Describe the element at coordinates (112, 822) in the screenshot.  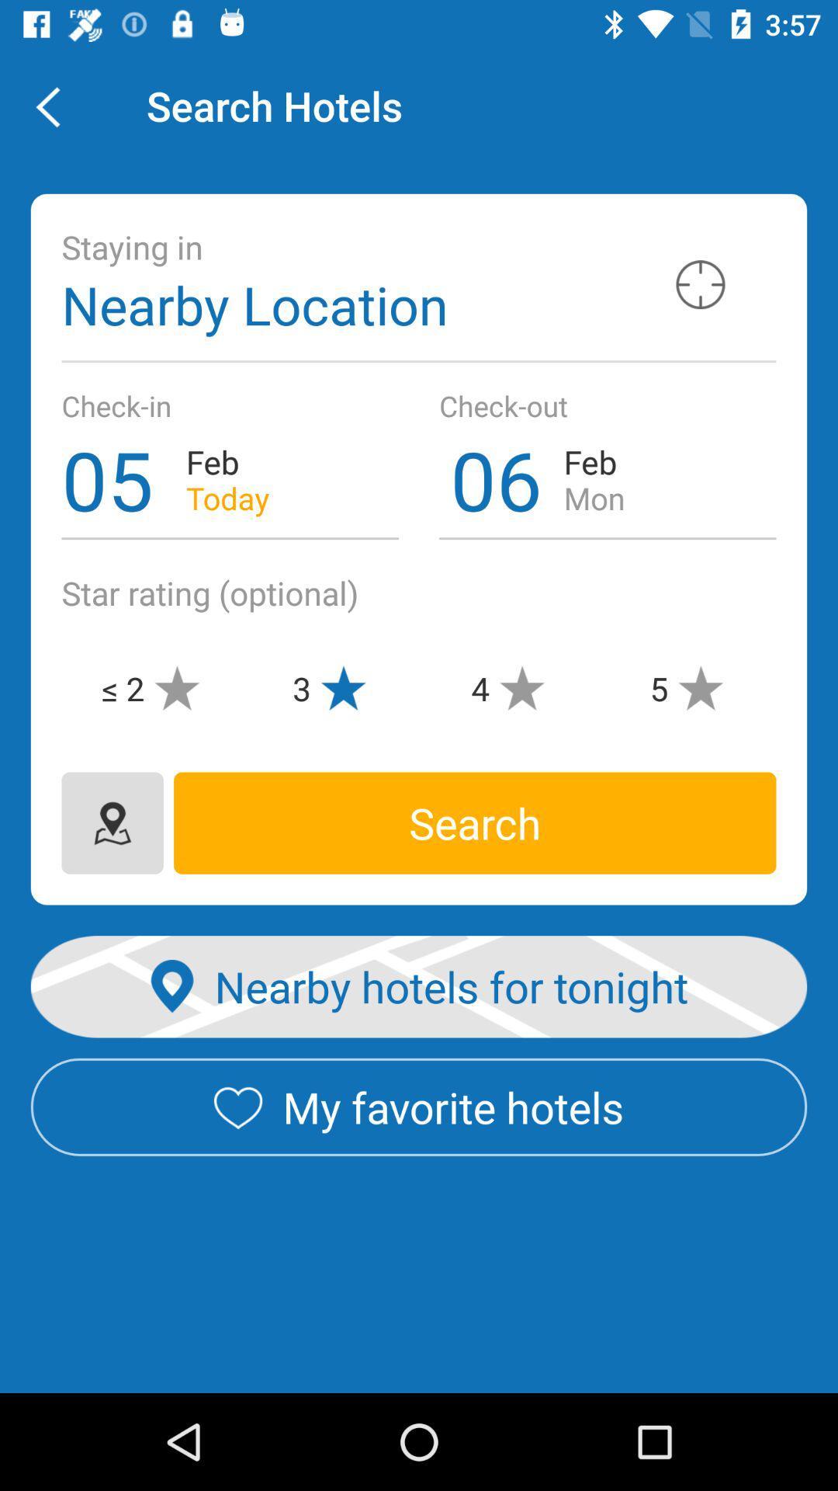
I see `change location` at that location.